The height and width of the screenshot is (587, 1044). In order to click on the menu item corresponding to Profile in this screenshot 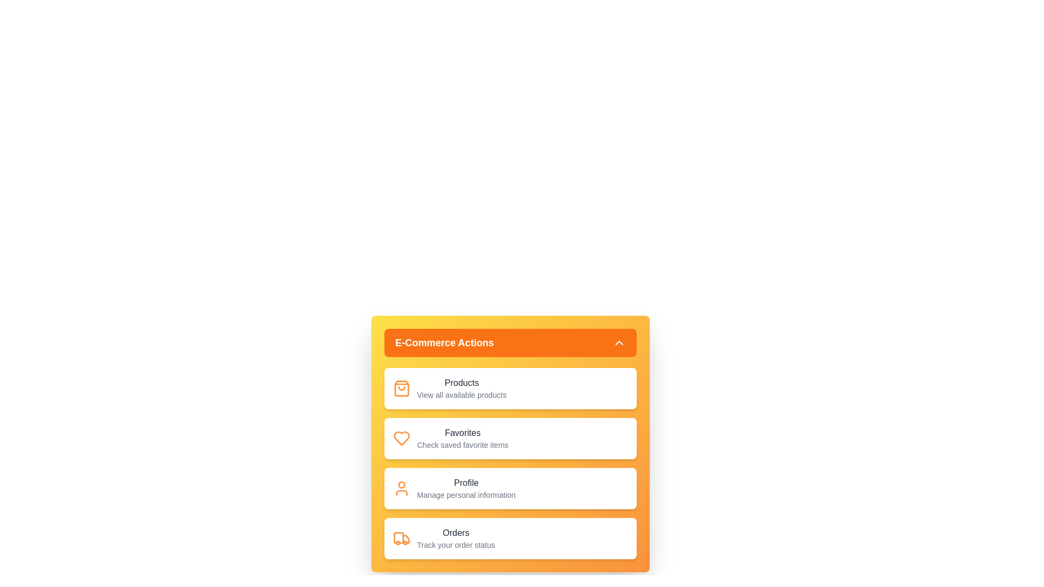, I will do `click(510, 488)`.